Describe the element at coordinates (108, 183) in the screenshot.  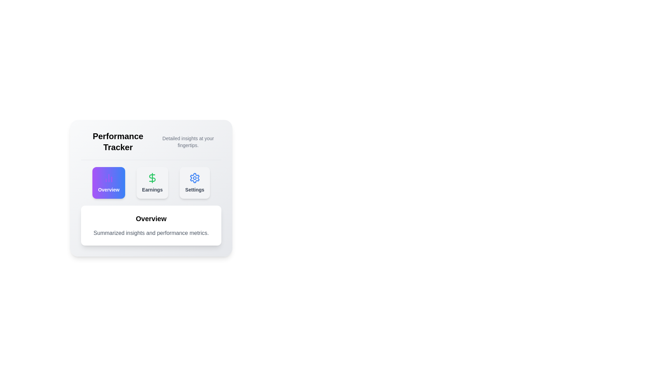
I see `the Overview tab` at that location.